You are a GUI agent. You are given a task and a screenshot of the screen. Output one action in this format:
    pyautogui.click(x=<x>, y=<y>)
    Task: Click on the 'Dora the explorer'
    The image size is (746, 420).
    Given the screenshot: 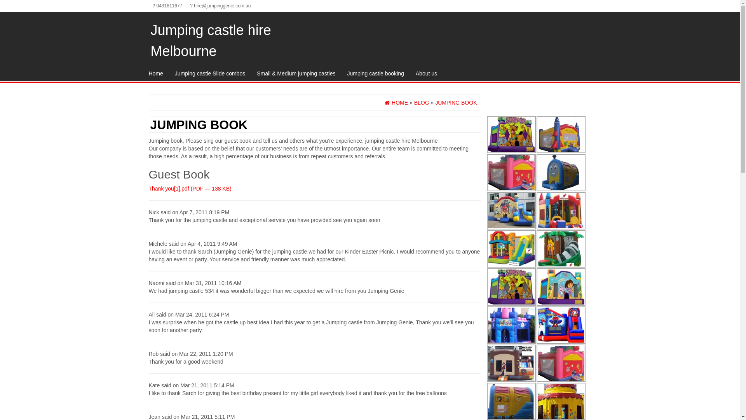 What is the action you would take?
    pyautogui.click(x=561, y=287)
    